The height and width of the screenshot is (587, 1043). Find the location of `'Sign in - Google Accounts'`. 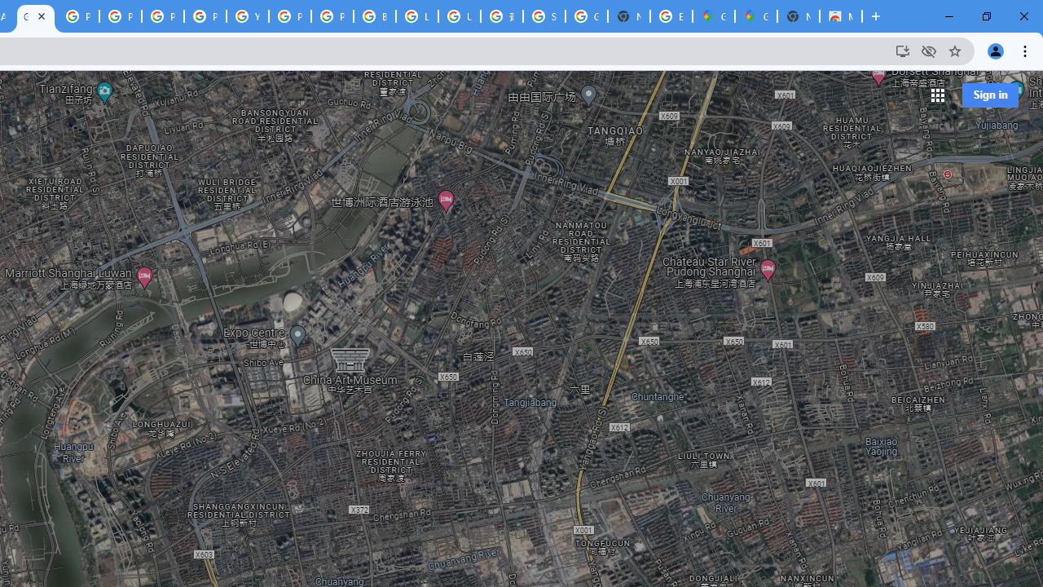

'Sign in - Google Accounts' is located at coordinates (544, 16).